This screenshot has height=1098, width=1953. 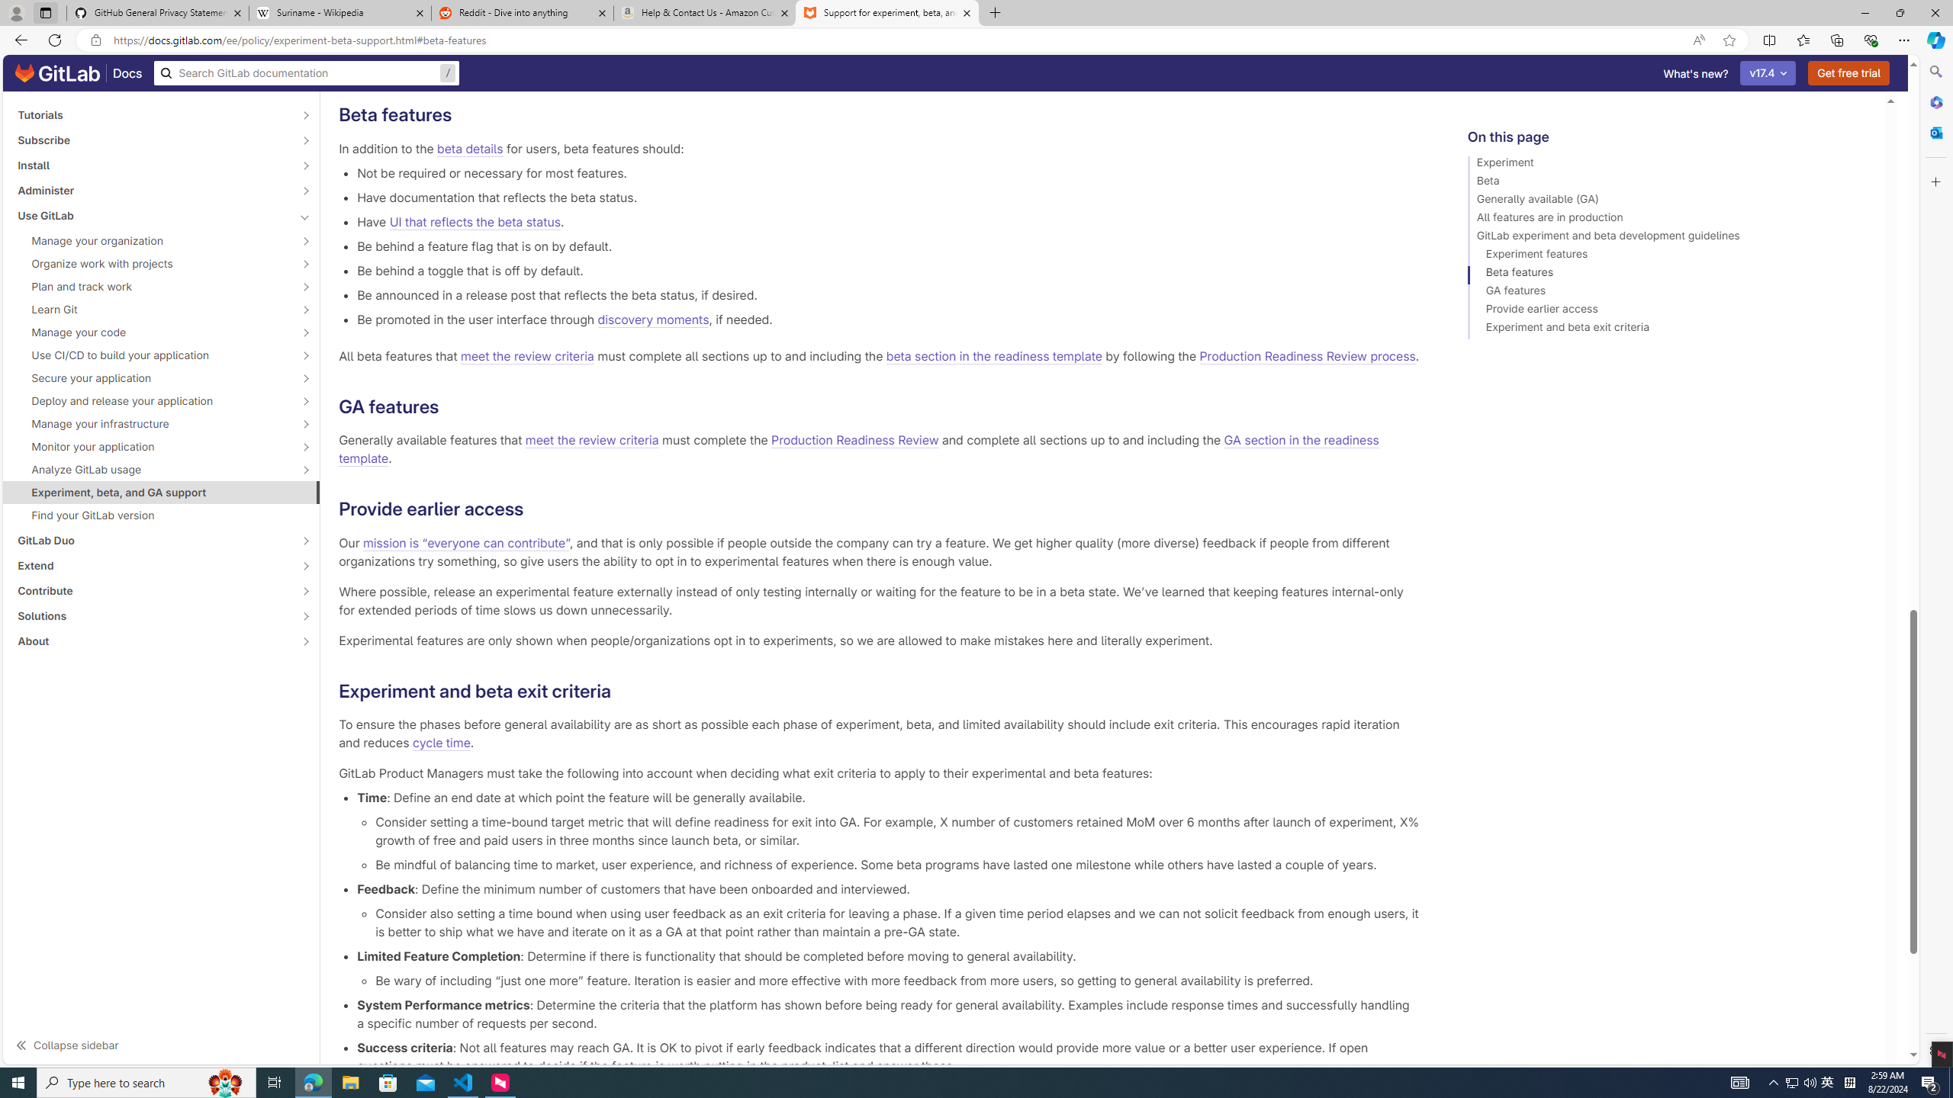 I want to click on 'Help & Contact Us - Amazon Customer Service - Sleeping', so click(x=705, y=12).